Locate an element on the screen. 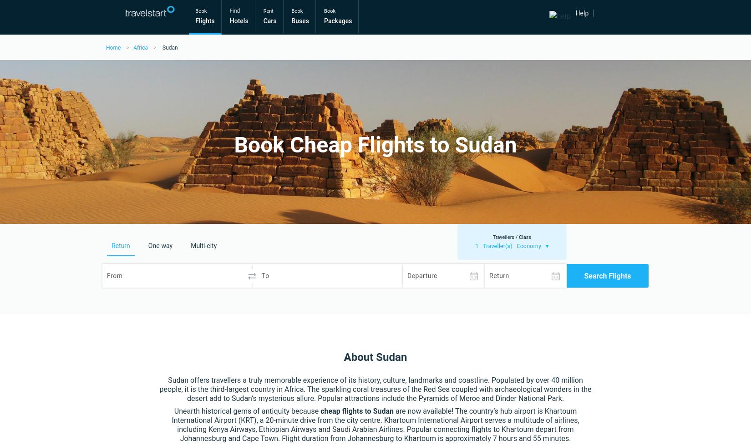  'Home' is located at coordinates (106, 47).